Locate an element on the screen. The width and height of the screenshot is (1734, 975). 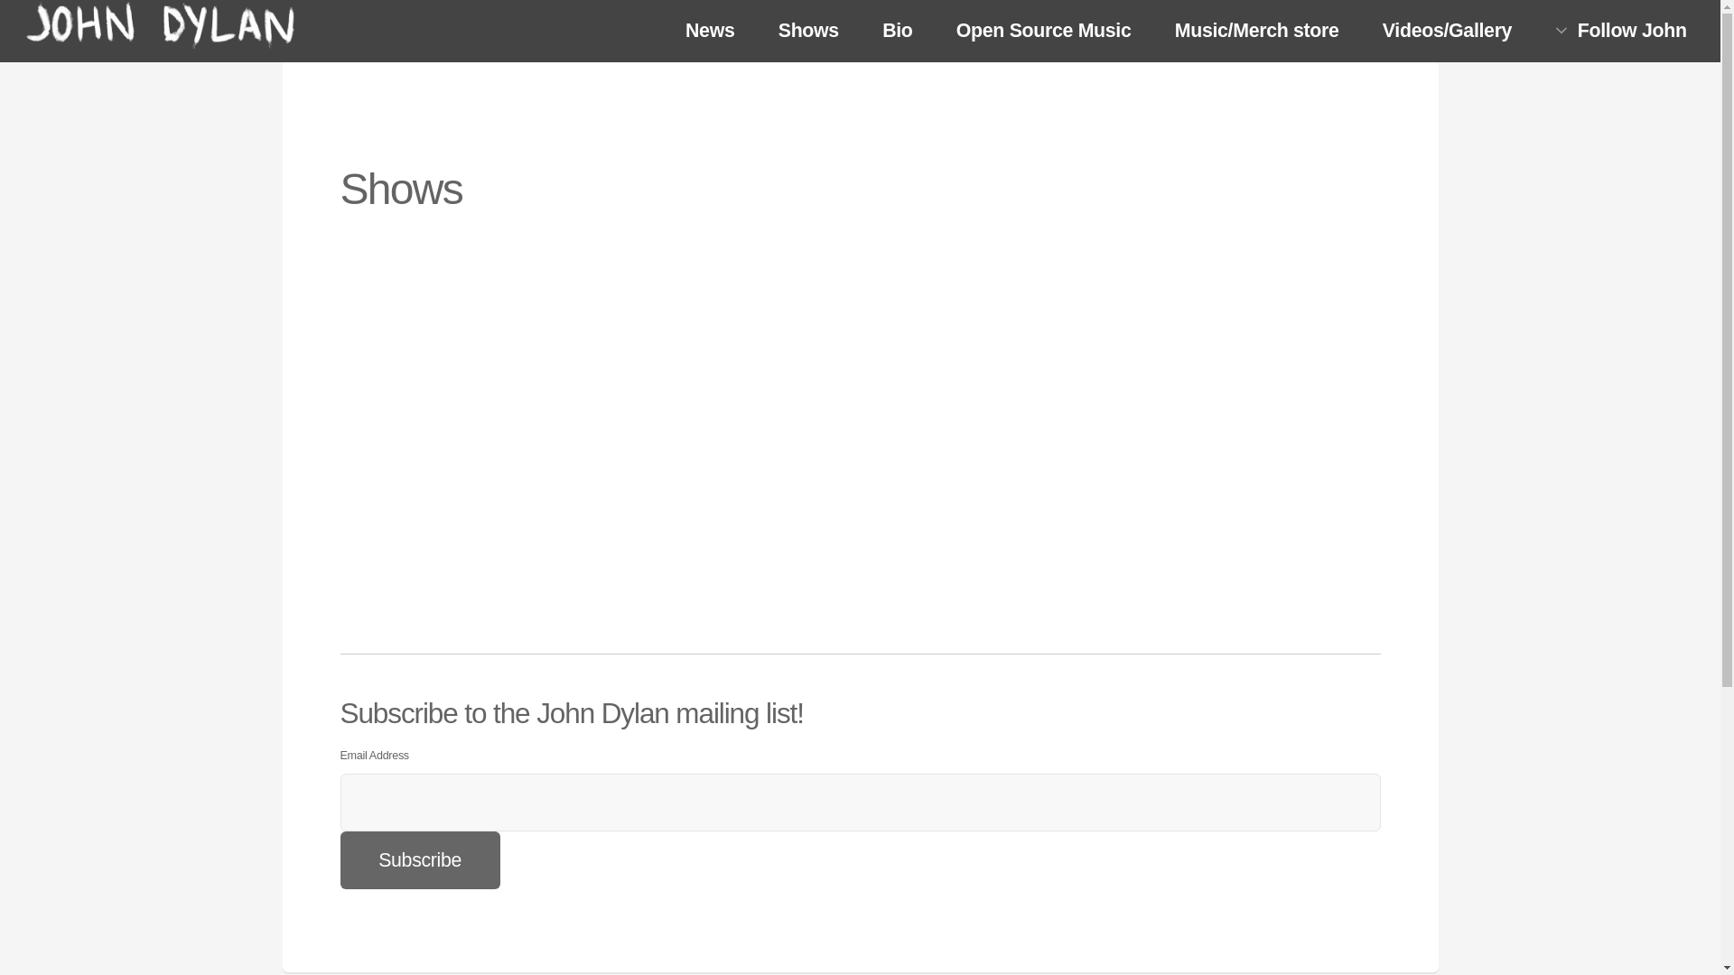
'Follow John' is located at coordinates (1534, 31).